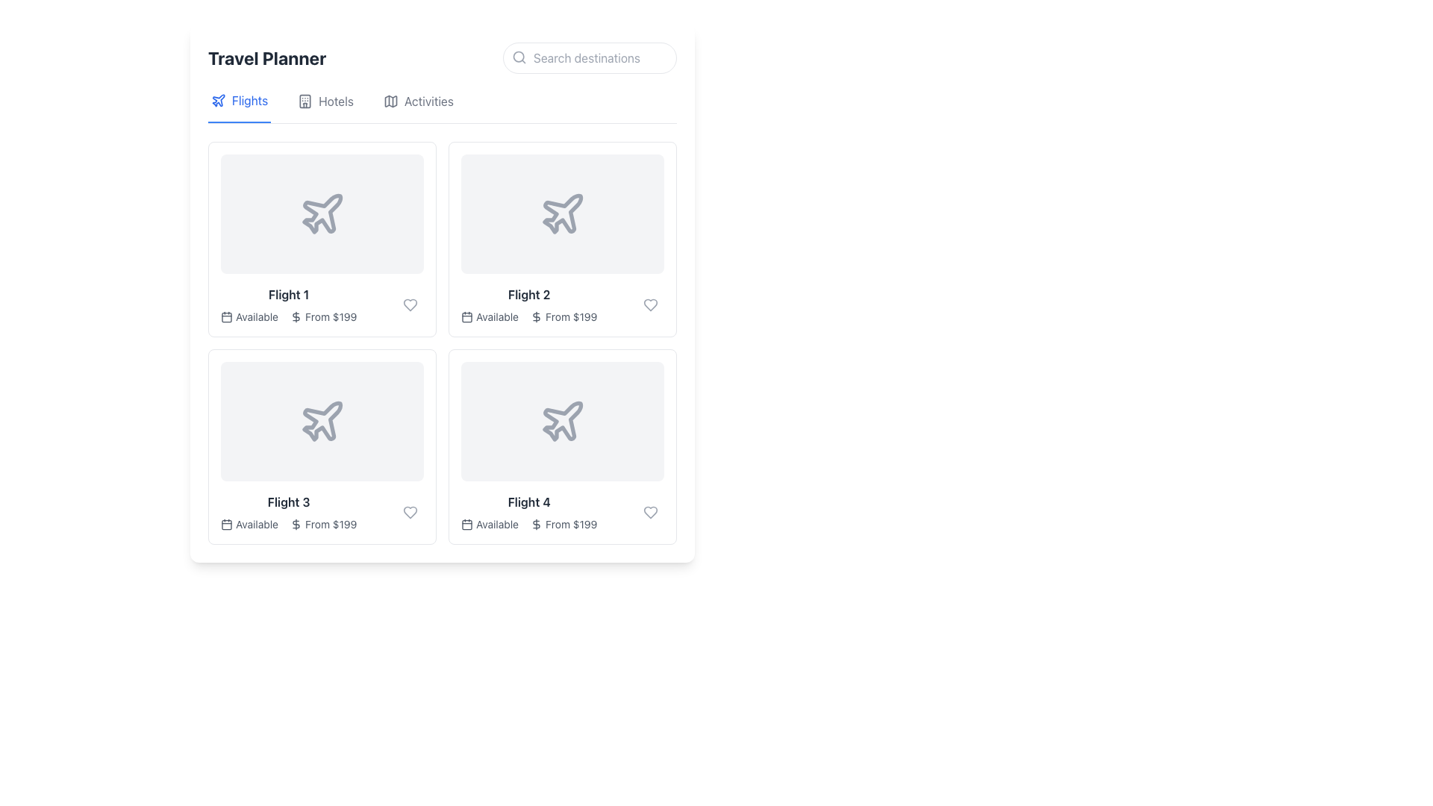 The image size is (1433, 806). What do you see at coordinates (289, 304) in the screenshot?
I see `the icons in the 'Flight 1' Text and Icon Group element` at bounding box center [289, 304].